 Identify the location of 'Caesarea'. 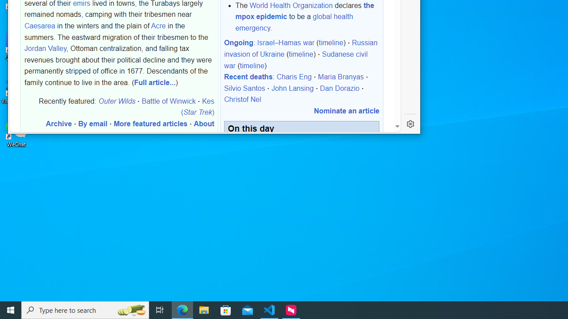
(39, 25).